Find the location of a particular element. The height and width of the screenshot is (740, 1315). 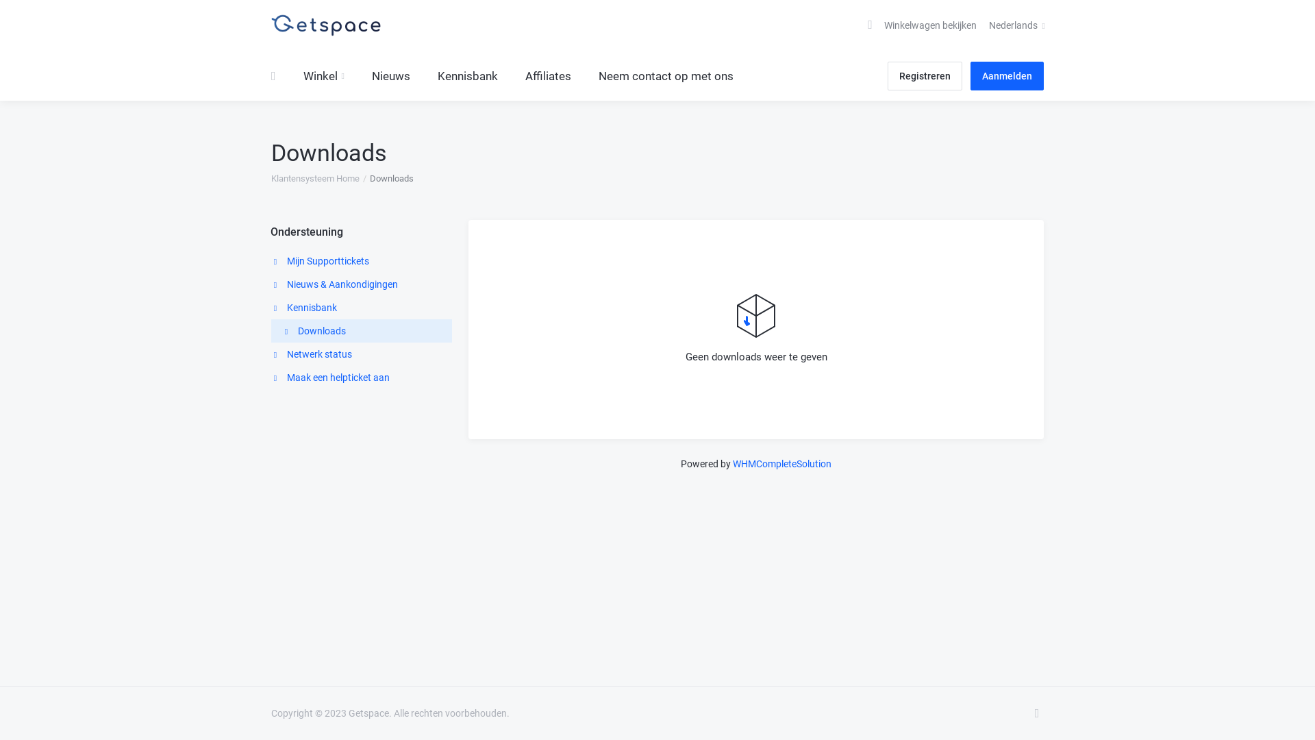

'Aanmelden' is located at coordinates (1007, 76).